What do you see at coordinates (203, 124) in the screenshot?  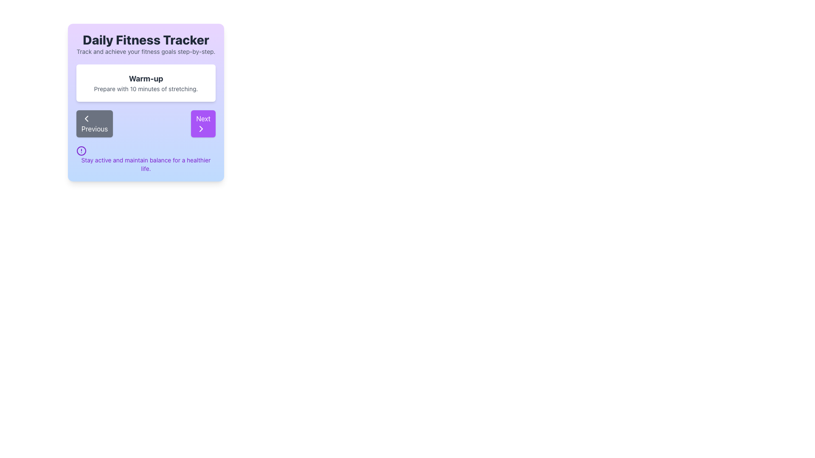 I see `the second button in the horizontal layout of navigation buttons at the bottom of the section to go to the next step` at bounding box center [203, 124].